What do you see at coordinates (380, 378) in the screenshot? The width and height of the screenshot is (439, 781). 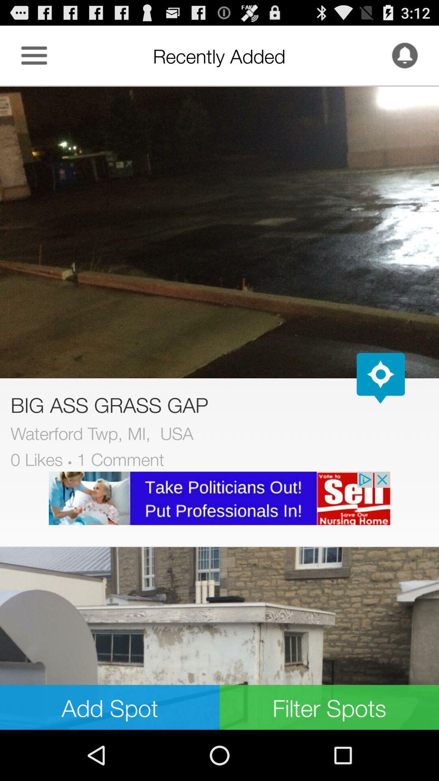 I see `location` at bounding box center [380, 378].